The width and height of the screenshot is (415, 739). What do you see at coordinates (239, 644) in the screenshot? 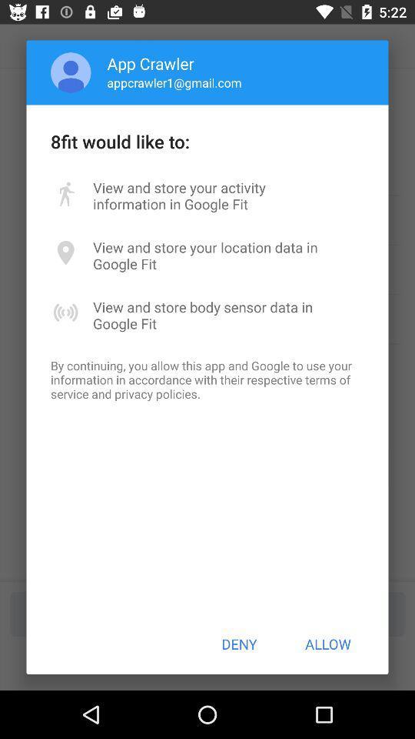
I see `icon next to the allow icon` at bounding box center [239, 644].